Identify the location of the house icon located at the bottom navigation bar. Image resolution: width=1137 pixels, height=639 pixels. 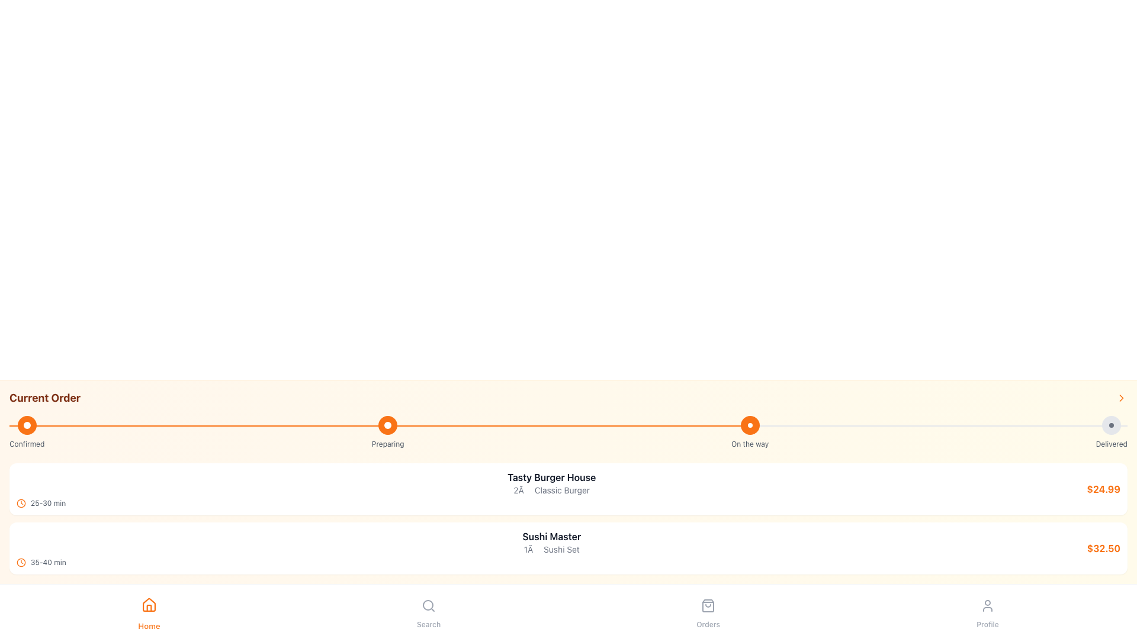
(148, 605).